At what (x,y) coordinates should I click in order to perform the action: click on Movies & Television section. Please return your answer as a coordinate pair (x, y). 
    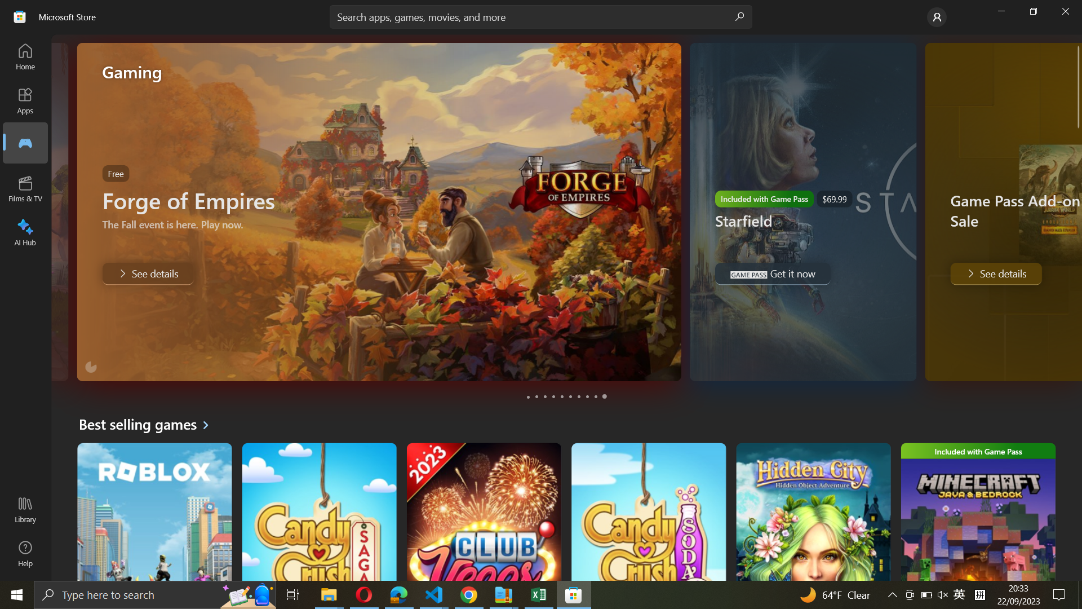
    Looking at the image, I should click on (26, 188).